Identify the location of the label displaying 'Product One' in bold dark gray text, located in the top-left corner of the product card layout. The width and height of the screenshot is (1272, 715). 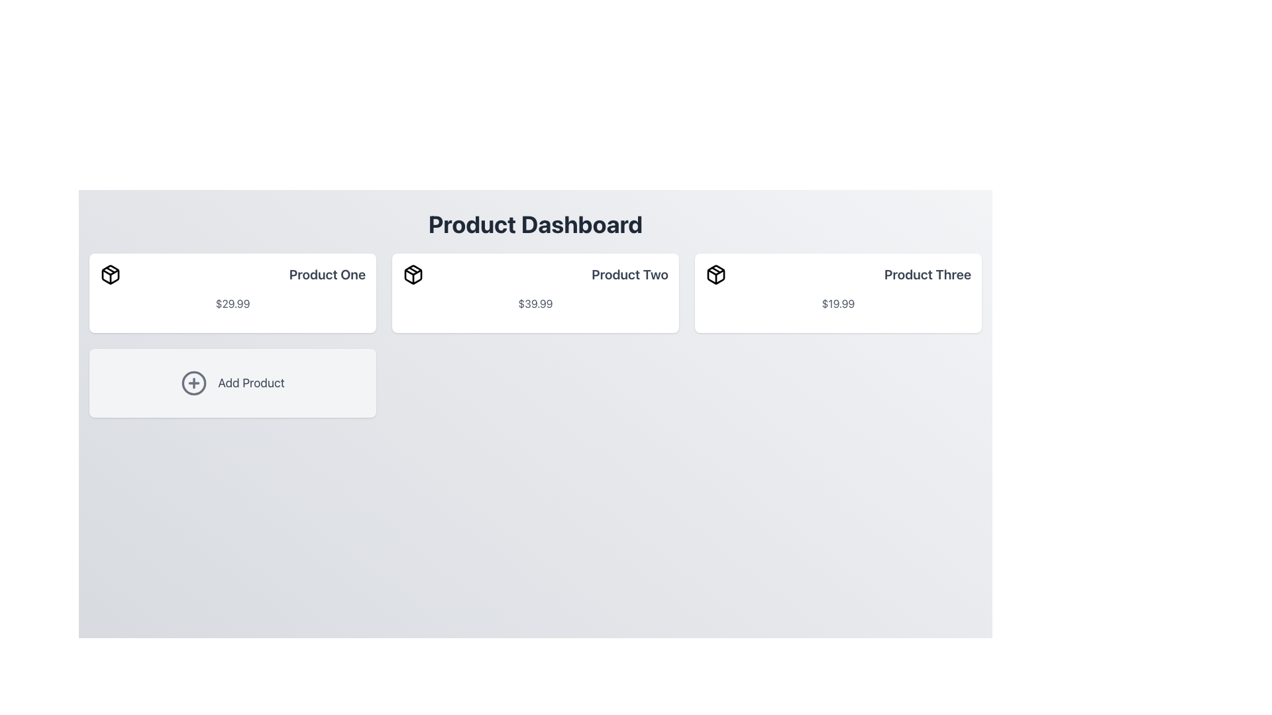
(327, 274).